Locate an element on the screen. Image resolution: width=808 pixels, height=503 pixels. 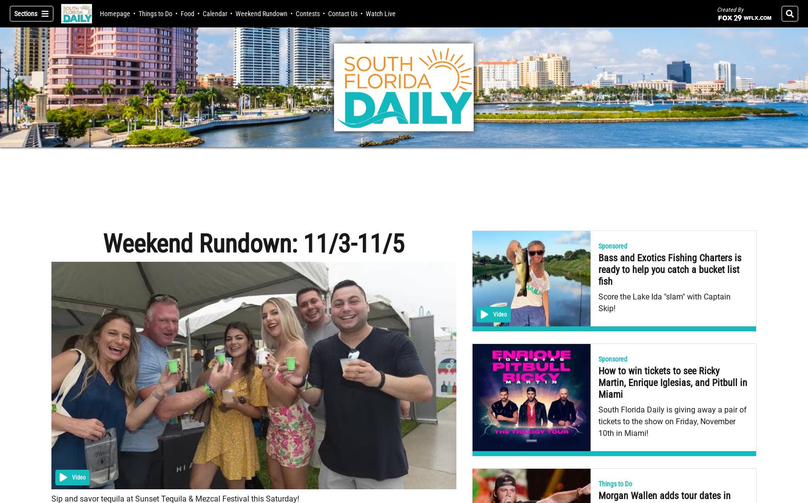
'Bass and Exotics Fishing Charters is ready to help you catch a bucket list fish' is located at coordinates (669, 270).